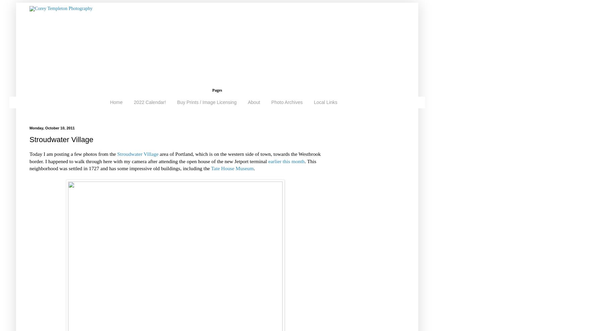 The width and height of the screenshot is (610, 331). What do you see at coordinates (254, 102) in the screenshot?
I see `'About'` at bounding box center [254, 102].